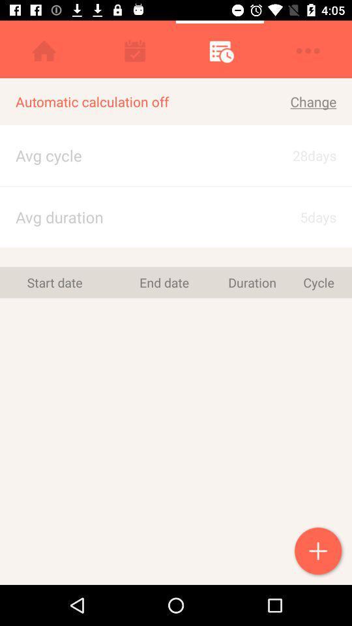 Image resolution: width=352 pixels, height=626 pixels. Describe the element at coordinates (319, 552) in the screenshot. I see `menstrual cycle` at that location.